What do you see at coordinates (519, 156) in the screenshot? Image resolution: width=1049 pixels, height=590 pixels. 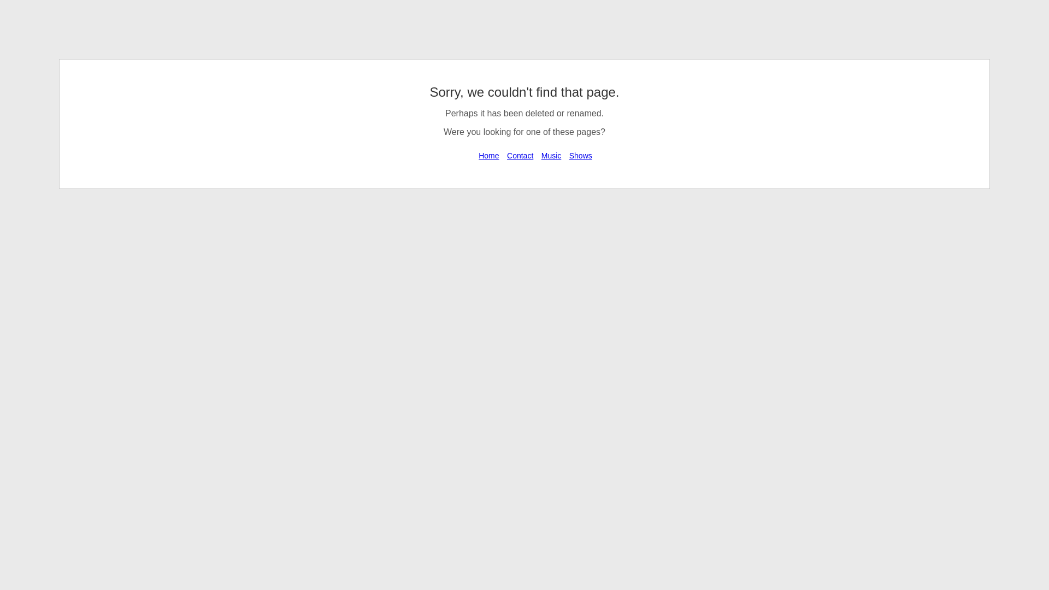 I see `'Contact'` at bounding box center [519, 156].